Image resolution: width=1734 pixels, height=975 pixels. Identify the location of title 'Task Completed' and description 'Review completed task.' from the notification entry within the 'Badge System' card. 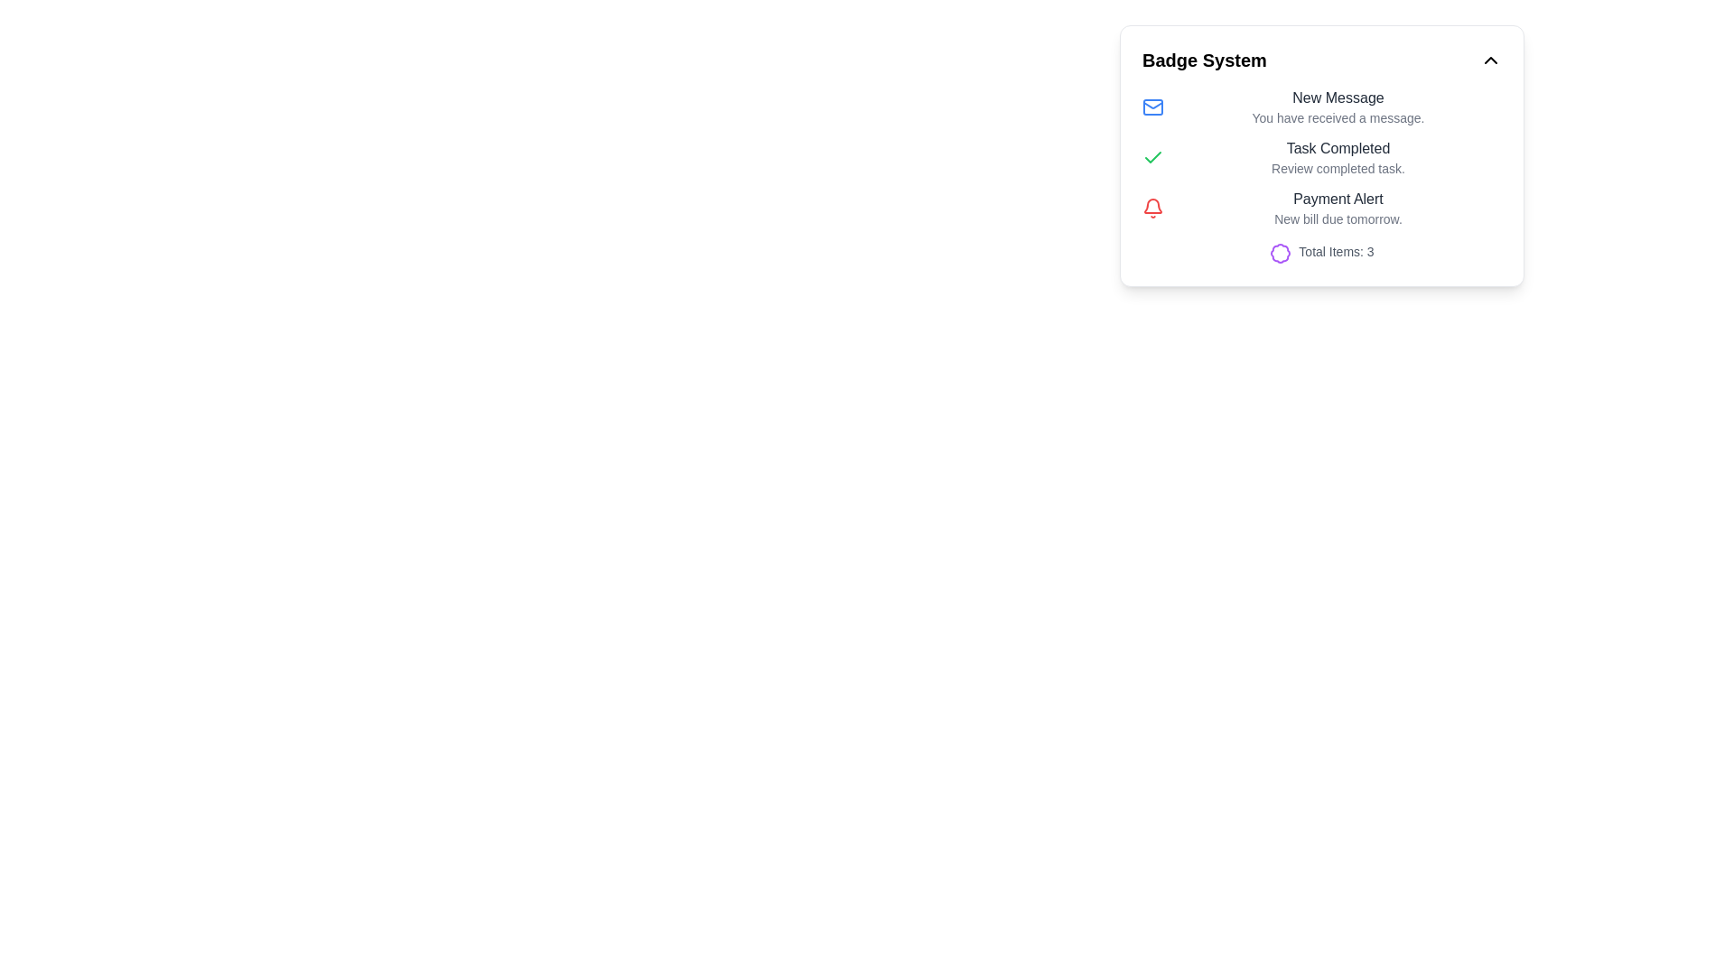
(1338, 156).